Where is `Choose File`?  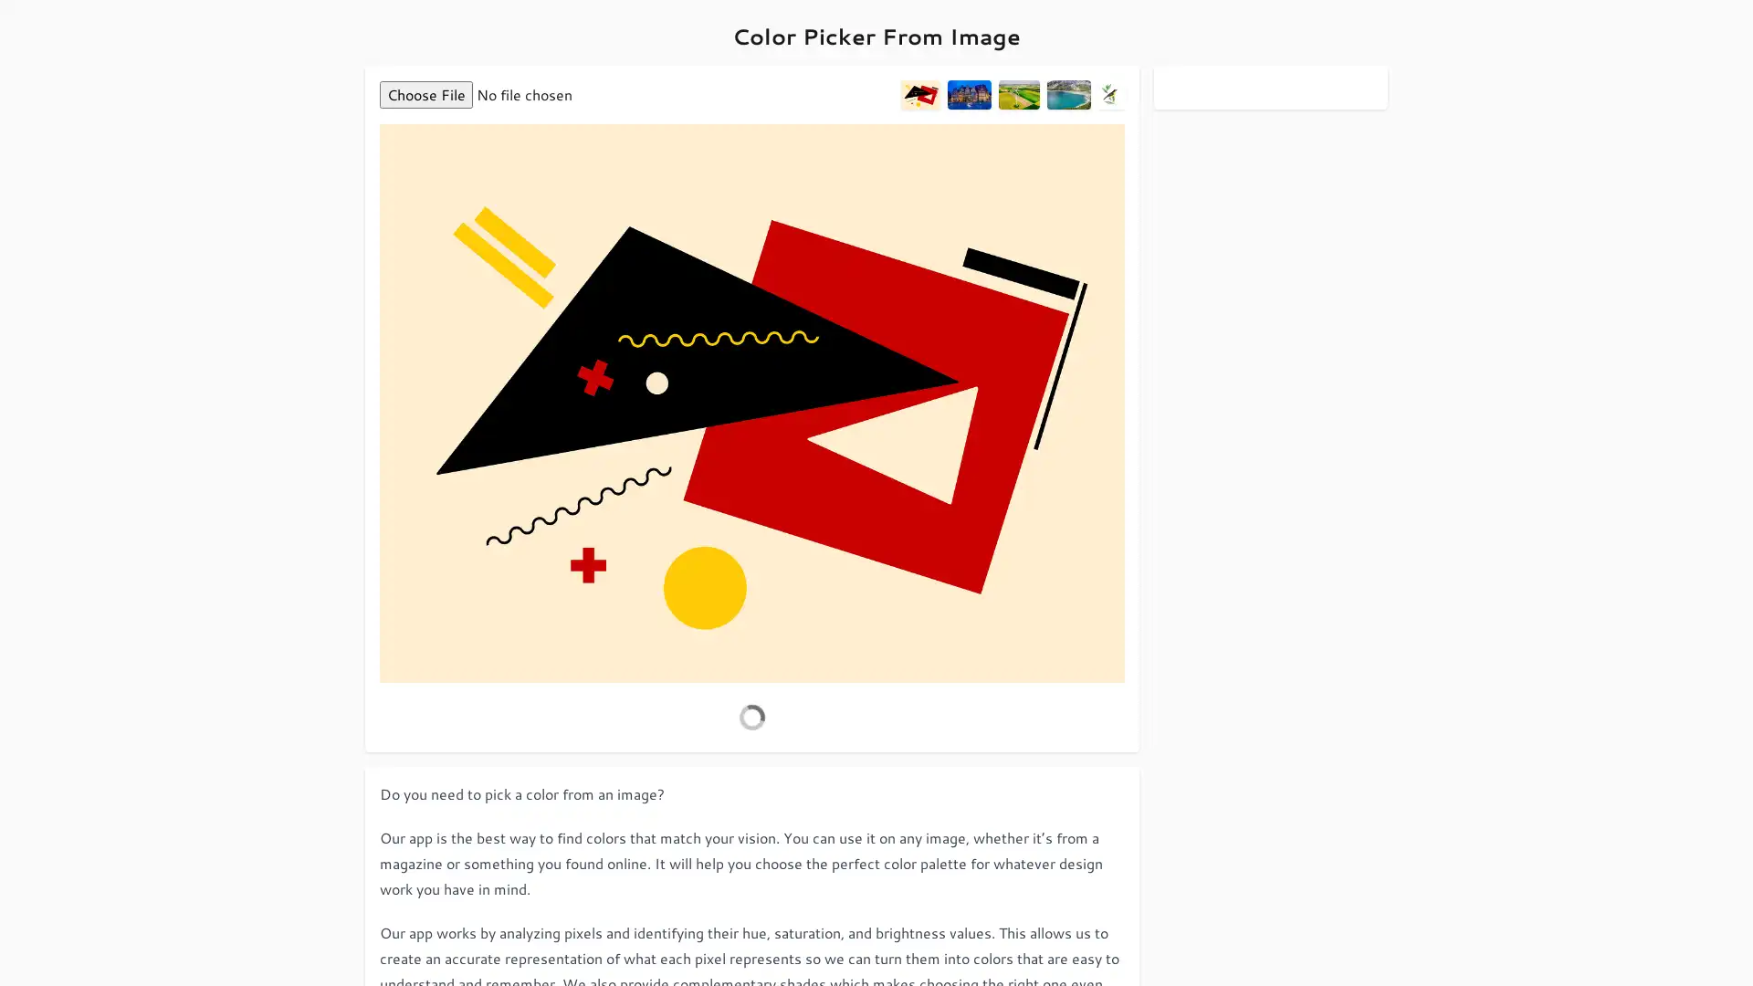 Choose File is located at coordinates (425, 95).